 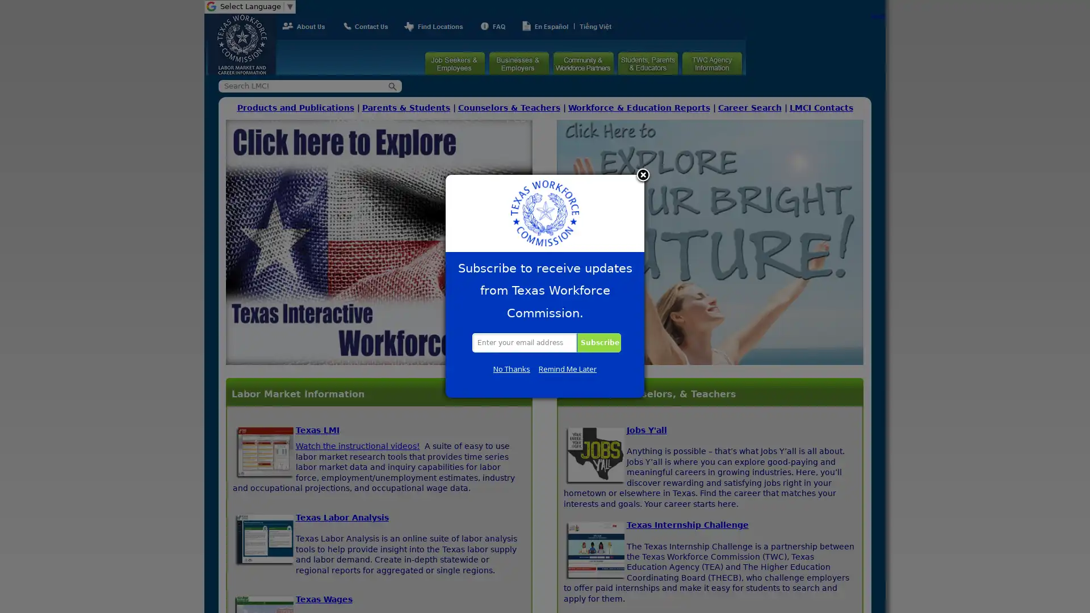 I want to click on No Thanks, so click(x=511, y=369).